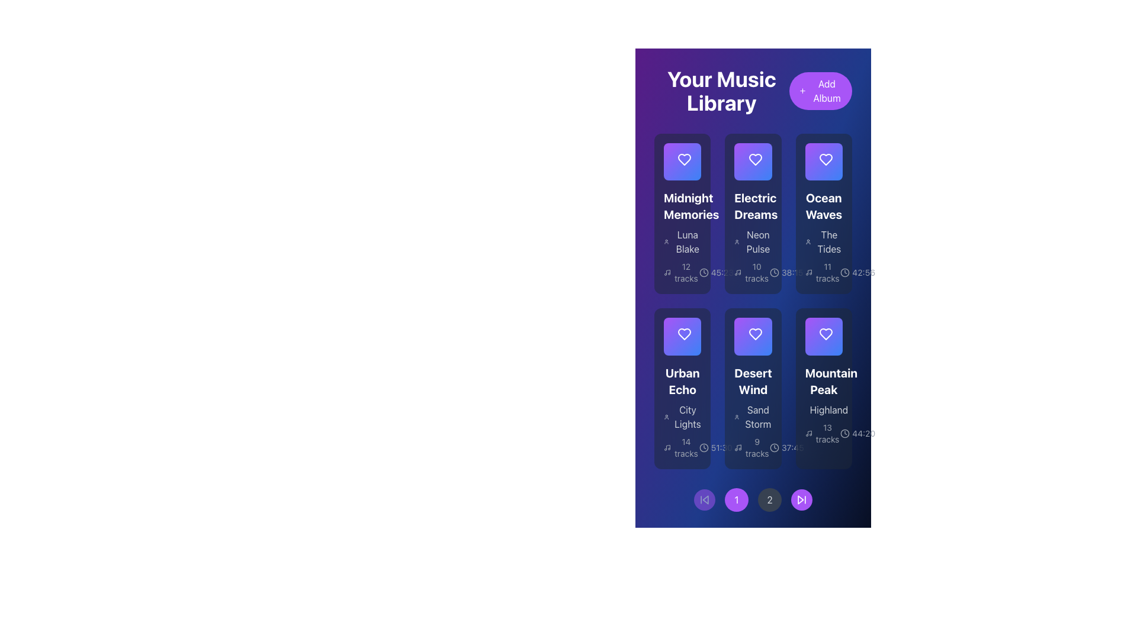  I want to click on the heart-shaped button with a purple icon inside a circular button on the 'Ocean Waves' card in 'Your Music Library' to observe hover effects, so click(823, 162).